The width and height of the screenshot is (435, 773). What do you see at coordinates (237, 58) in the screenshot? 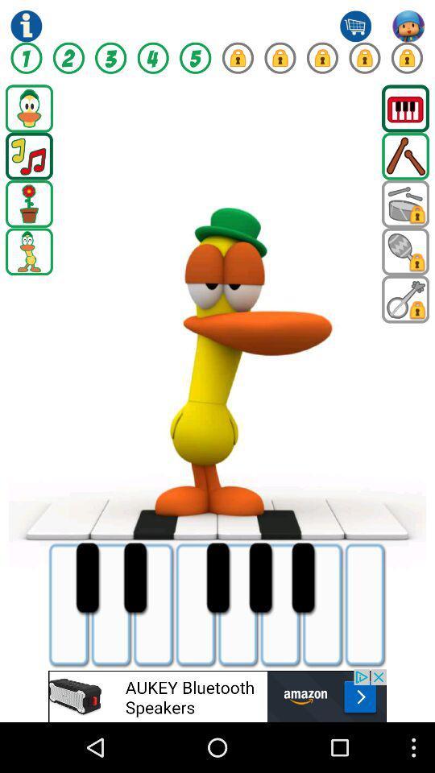
I see `lock better` at bounding box center [237, 58].